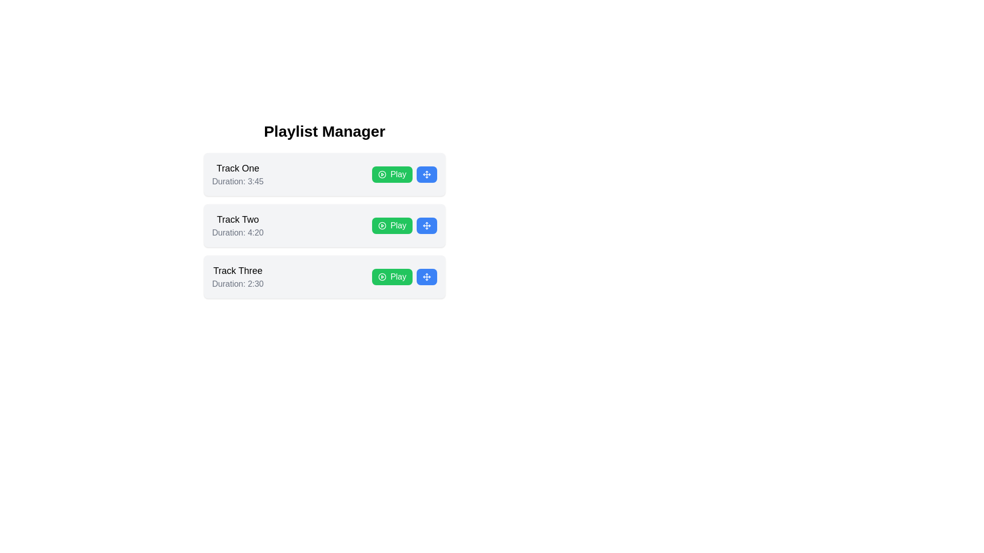 The height and width of the screenshot is (553, 984). What do you see at coordinates (427, 225) in the screenshot?
I see `the second button in the control section of the second playlist item` at bounding box center [427, 225].